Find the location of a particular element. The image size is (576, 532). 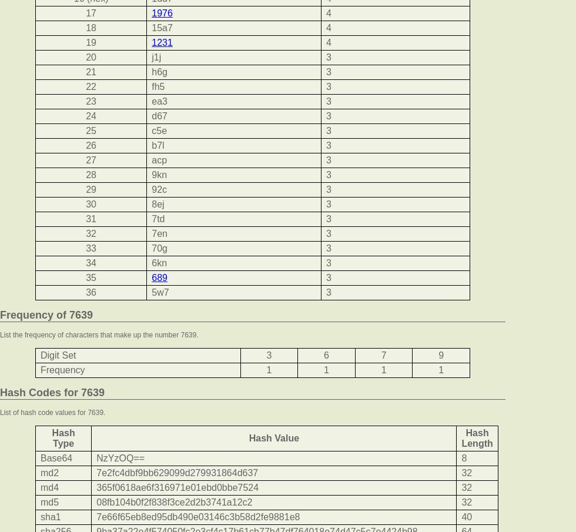

'7td' is located at coordinates (158, 219).